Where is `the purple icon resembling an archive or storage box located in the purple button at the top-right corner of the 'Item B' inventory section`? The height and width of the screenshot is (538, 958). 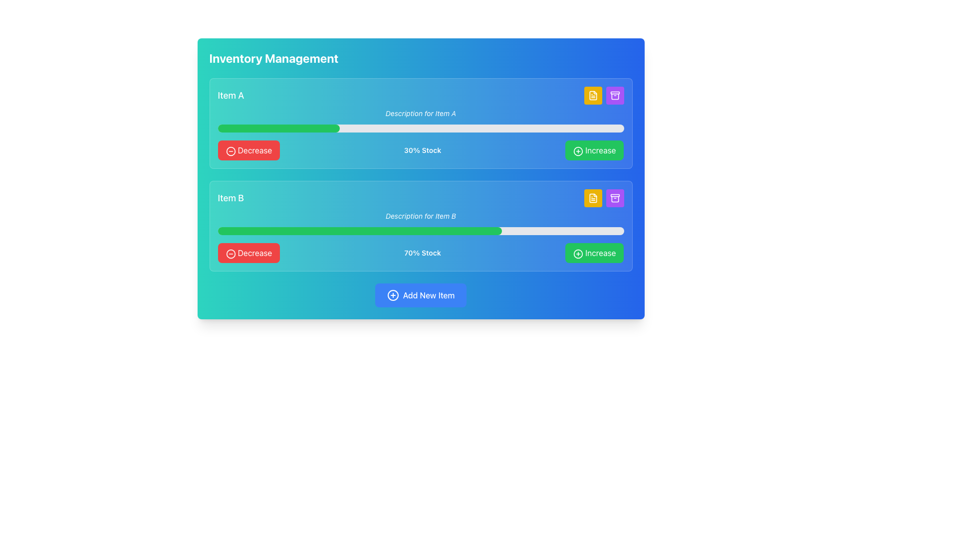
the purple icon resembling an archive or storage box located in the purple button at the top-right corner of the 'Item B' inventory section is located at coordinates (614, 198).